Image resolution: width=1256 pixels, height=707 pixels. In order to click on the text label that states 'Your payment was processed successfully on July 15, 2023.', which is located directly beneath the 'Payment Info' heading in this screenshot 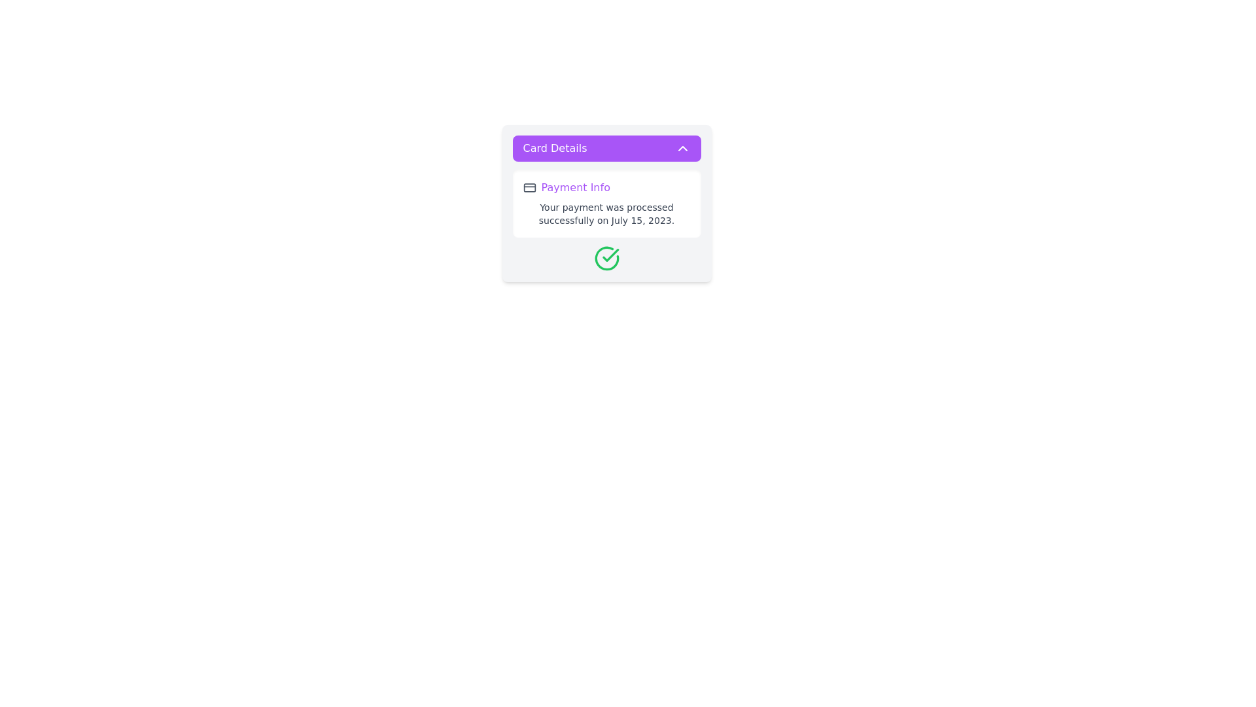, I will do `click(606, 213)`.